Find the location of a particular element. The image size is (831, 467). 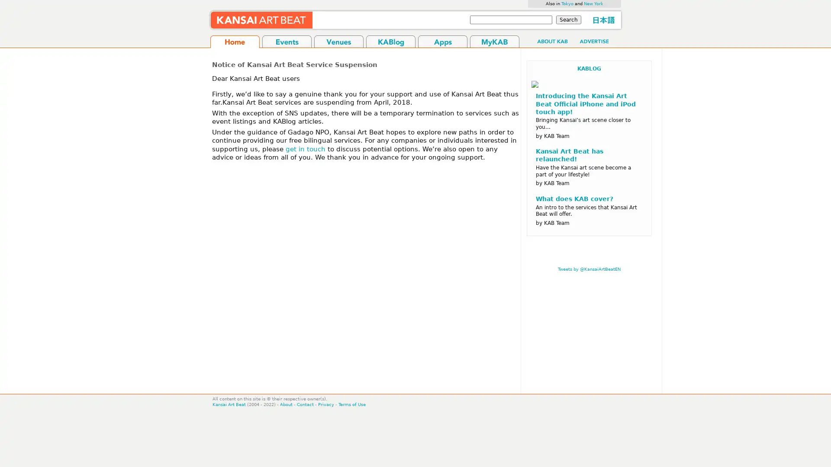

Search is located at coordinates (569, 19).